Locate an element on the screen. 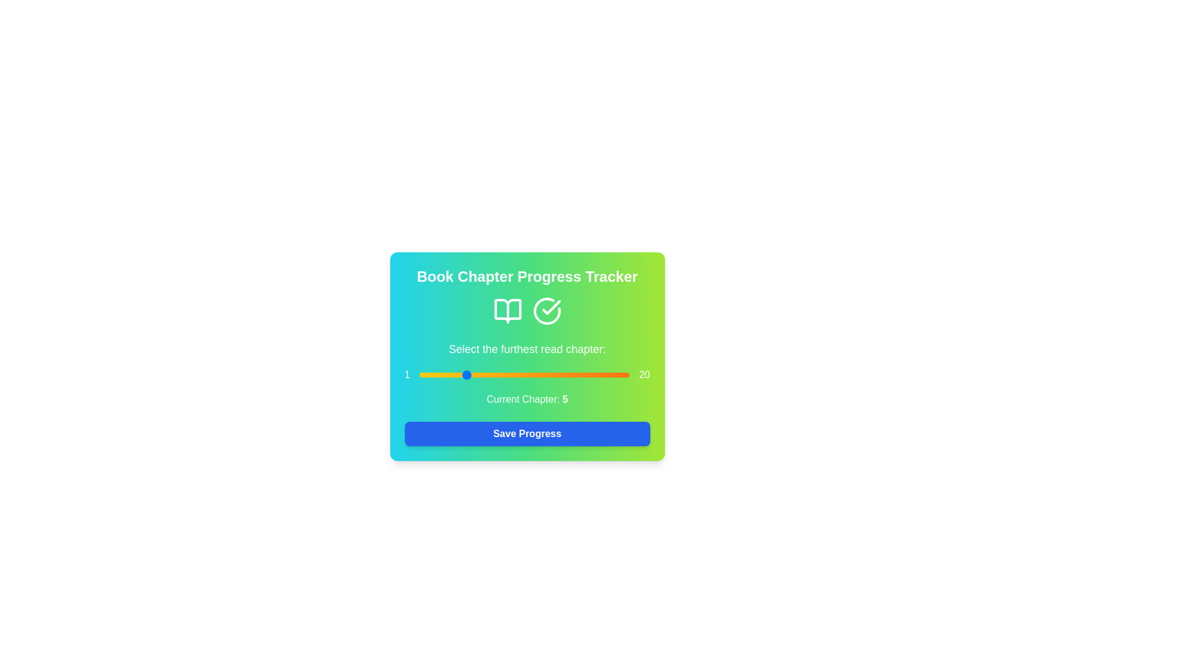  'Save Progress' button to save the selected chapter is located at coordinates (527, 433).